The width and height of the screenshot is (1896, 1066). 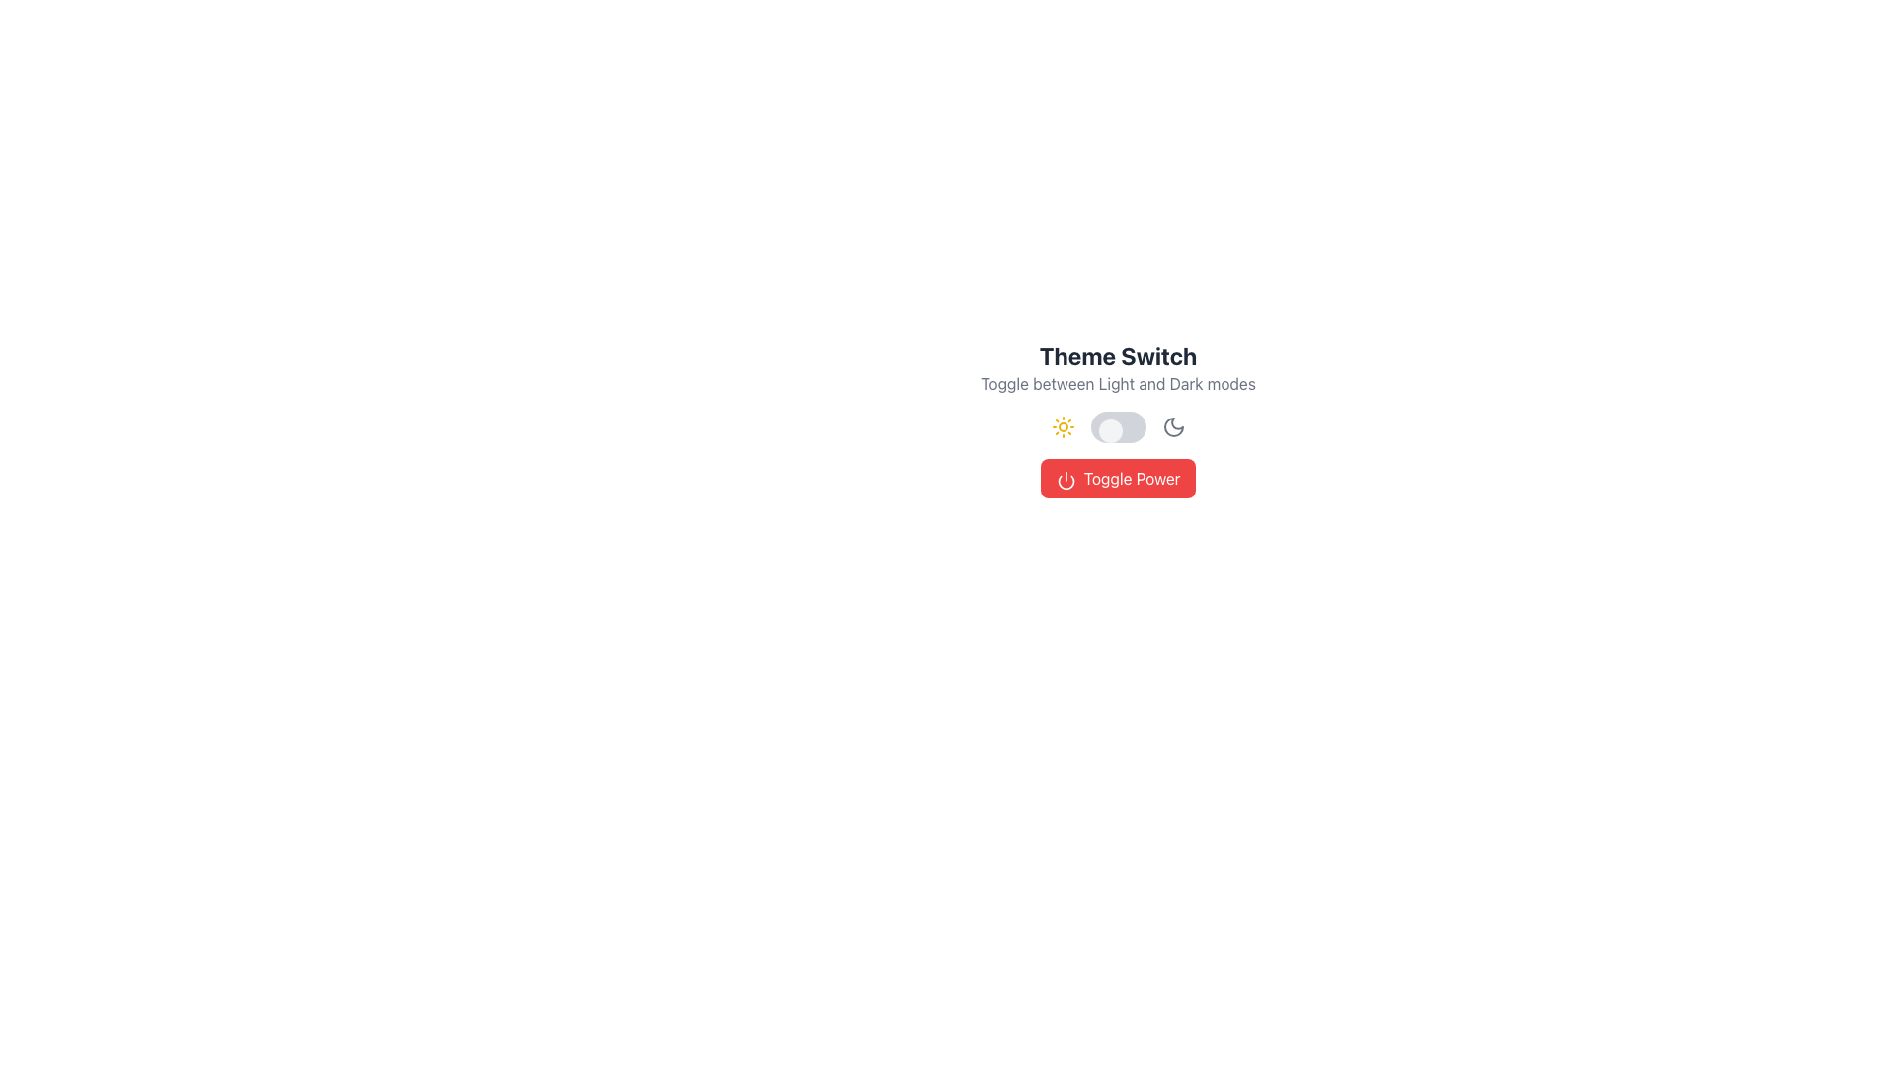 What do you see at coordinates (1173, 425) in the screenshot?
I see `the gray moon SVG icon representing the dark mode toggle` at bounding box center [1173, 425].